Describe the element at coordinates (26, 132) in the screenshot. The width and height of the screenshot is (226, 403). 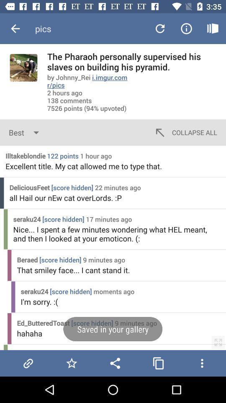
I see `the item to the left of the collapse all` at that location.